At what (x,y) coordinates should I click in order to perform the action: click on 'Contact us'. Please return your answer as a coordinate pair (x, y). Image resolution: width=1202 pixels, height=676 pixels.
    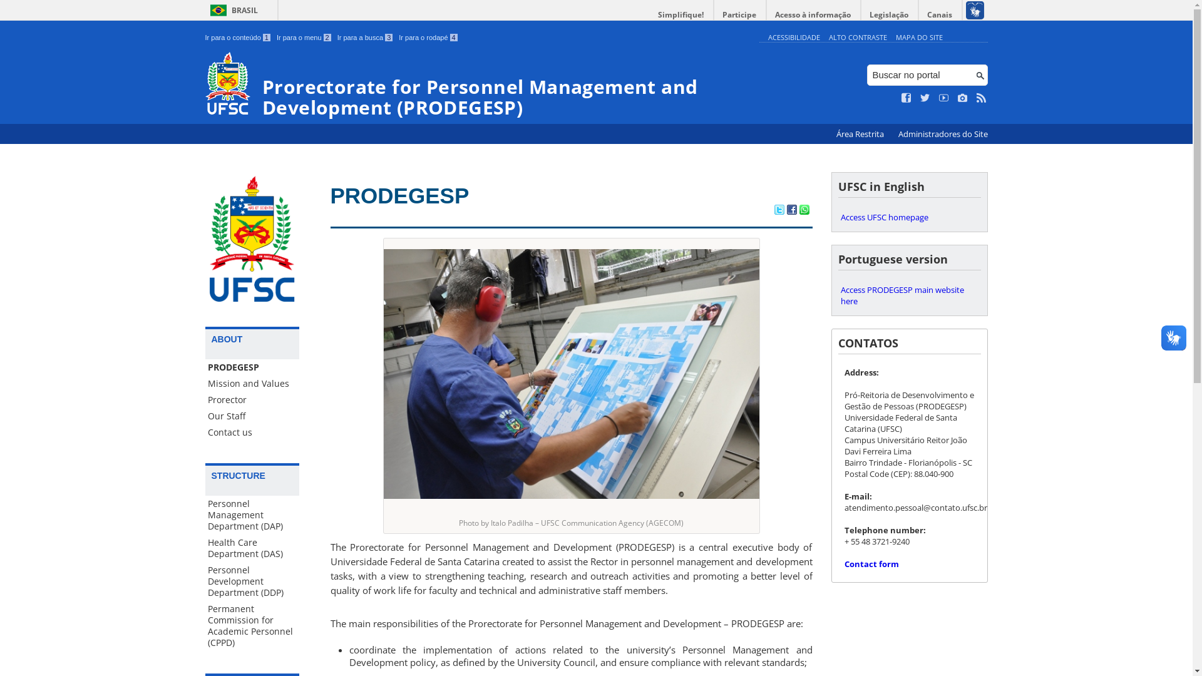
    Looking at the image, I should click on (252, 431).